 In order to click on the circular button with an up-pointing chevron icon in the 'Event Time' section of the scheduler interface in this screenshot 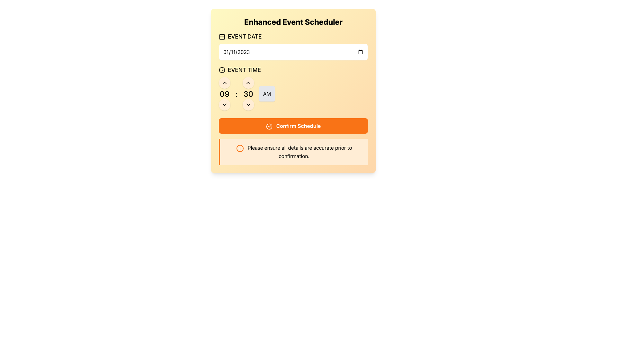, I will do `click(225, 83)`.